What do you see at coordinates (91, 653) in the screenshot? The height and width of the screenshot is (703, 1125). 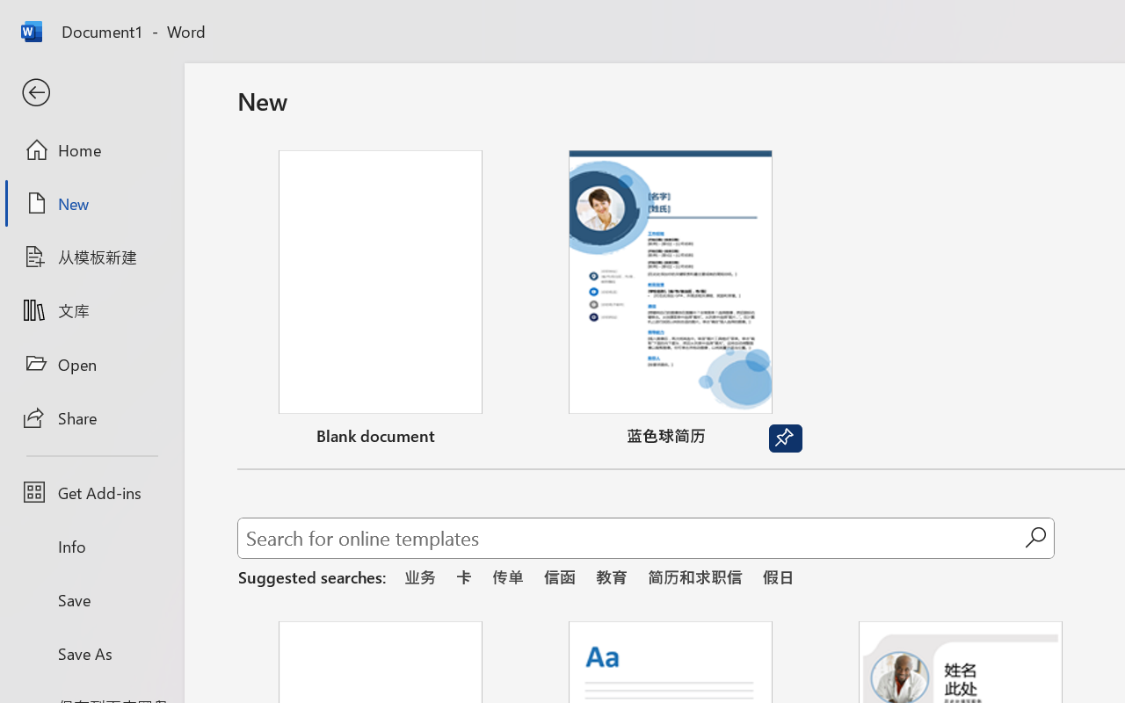 I see `'Save As'` at bounding box center [91, 653].